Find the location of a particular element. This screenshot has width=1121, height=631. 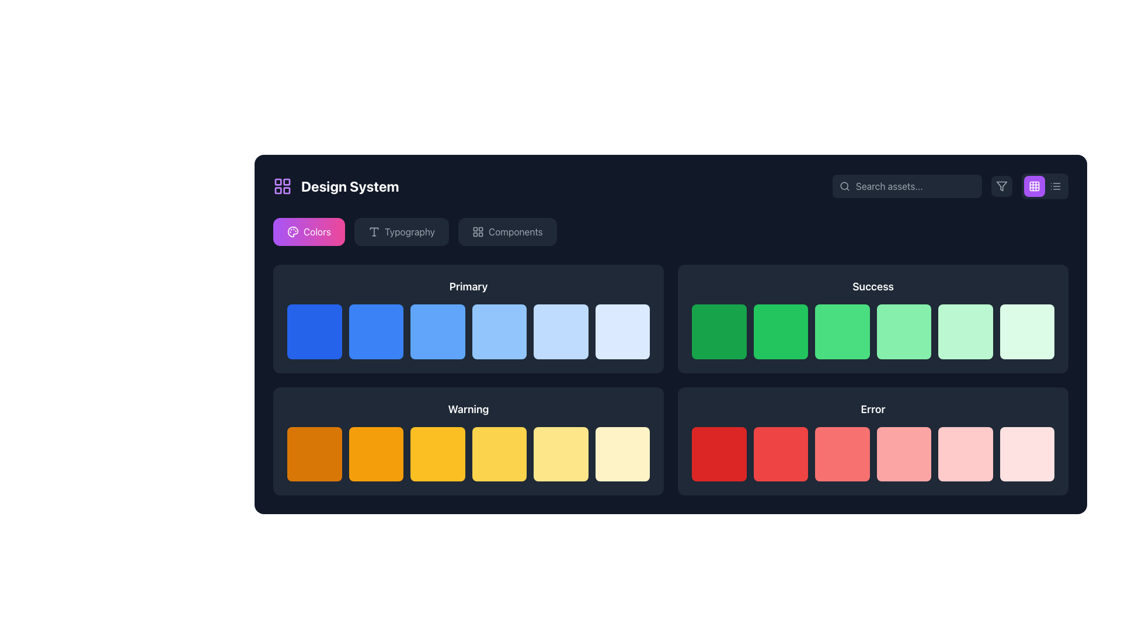

painter's palette icon located in the upper left section of the interface, part of the 'Colors' button is located at coordinates (293, 232).